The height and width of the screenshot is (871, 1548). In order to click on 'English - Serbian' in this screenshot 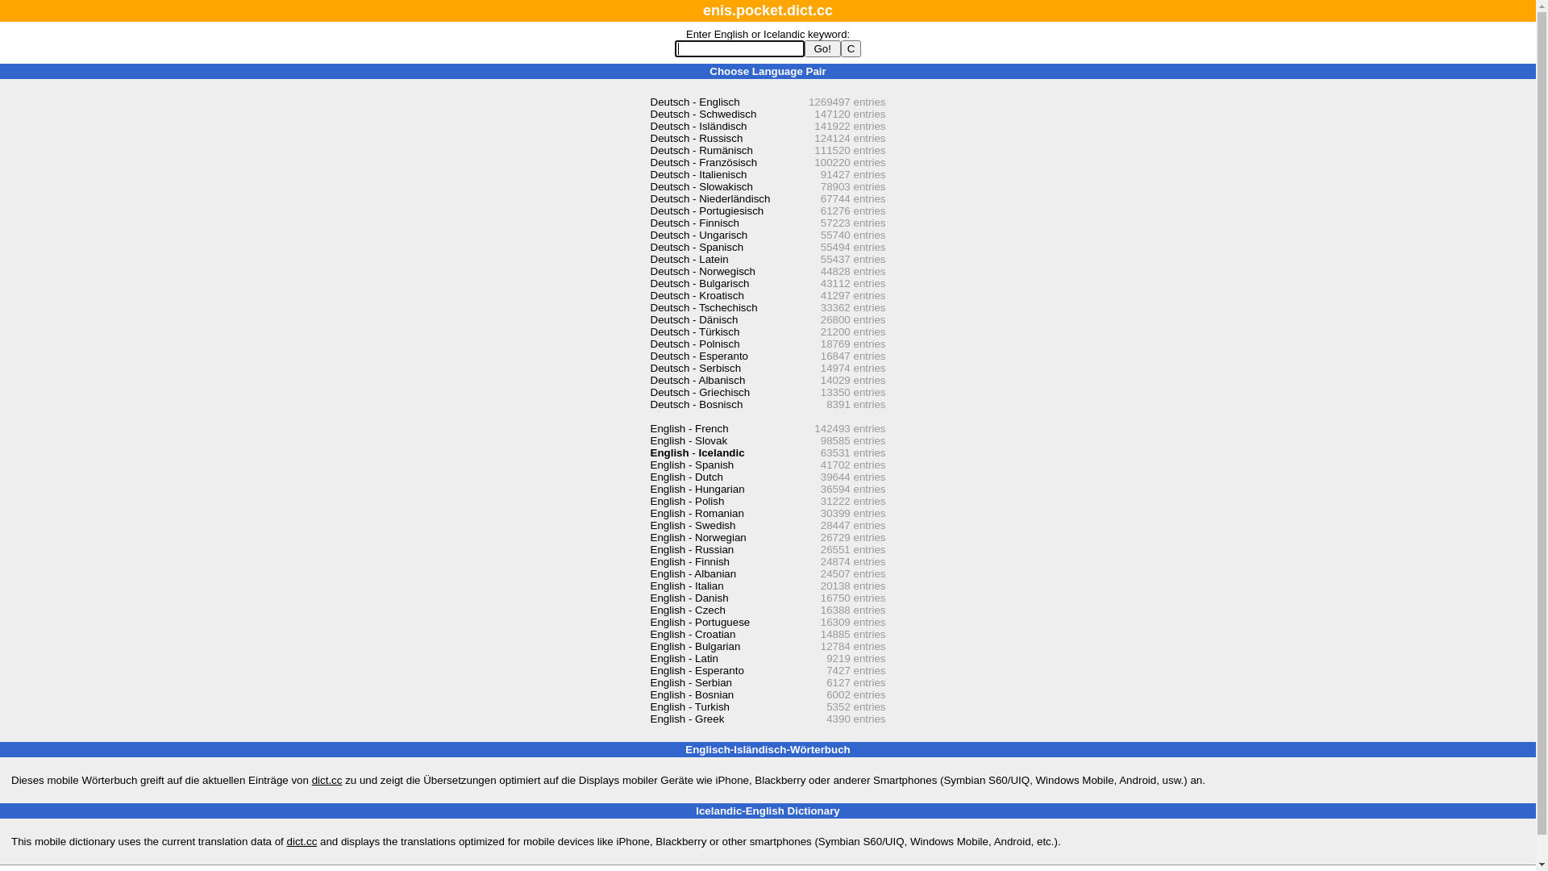, I will do `click(691, 682)`.